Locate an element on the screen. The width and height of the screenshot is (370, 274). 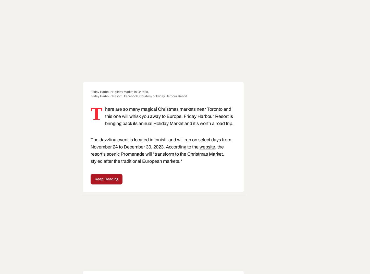
'magical Christmas markets near Toronto' is located at coordinates (181, 109).